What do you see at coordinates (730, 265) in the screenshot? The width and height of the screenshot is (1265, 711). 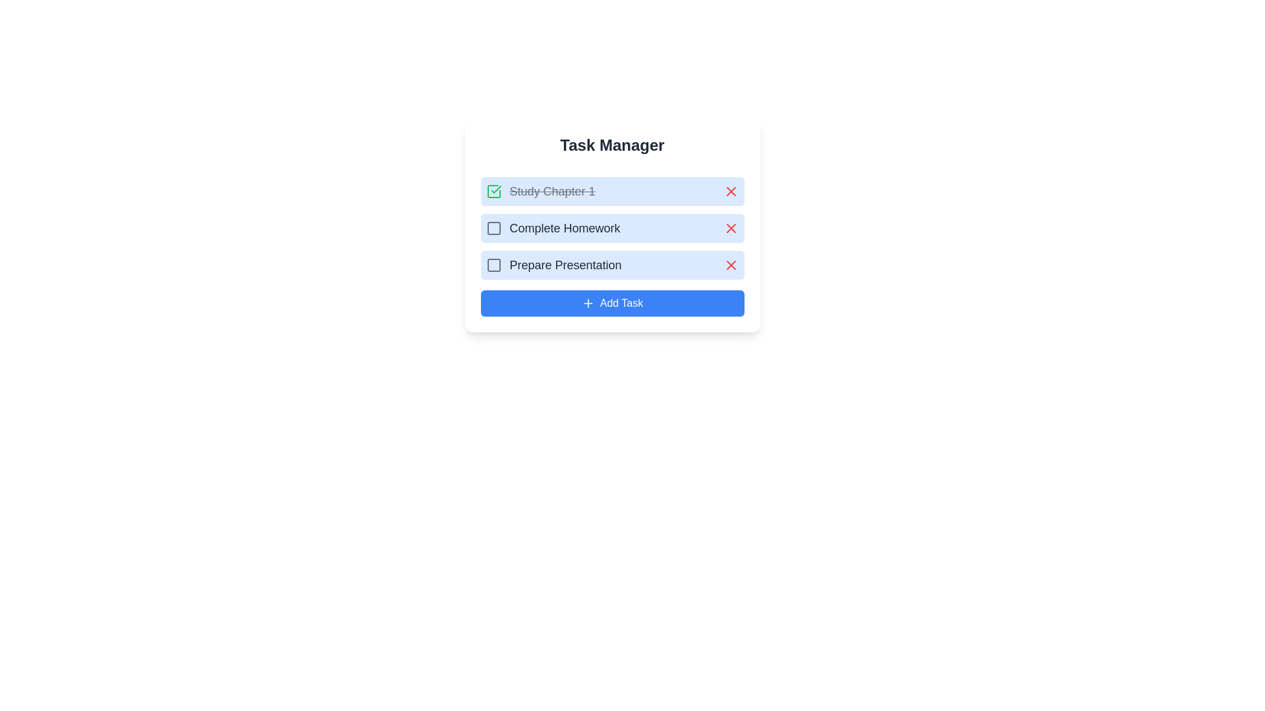 I see `the delete icon button located to the right of the 'Prepare Presentation' task in the task manager interface` at bounding box center [730, 265].